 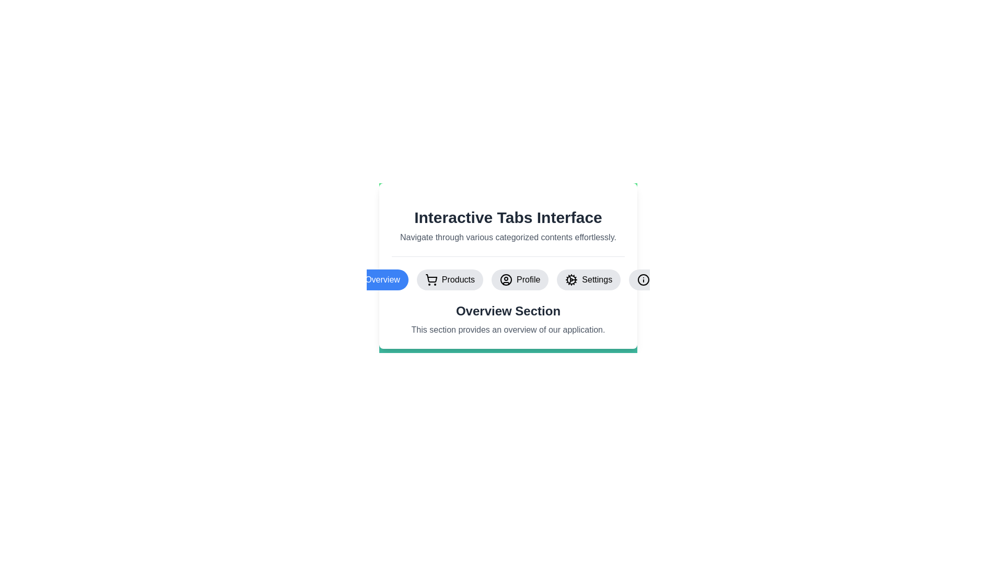 What do you see at coordinates (374, 279) in the screenshot?
I see `the first button from the left in the horizontal navigation group` at bounding box center [374, 279].